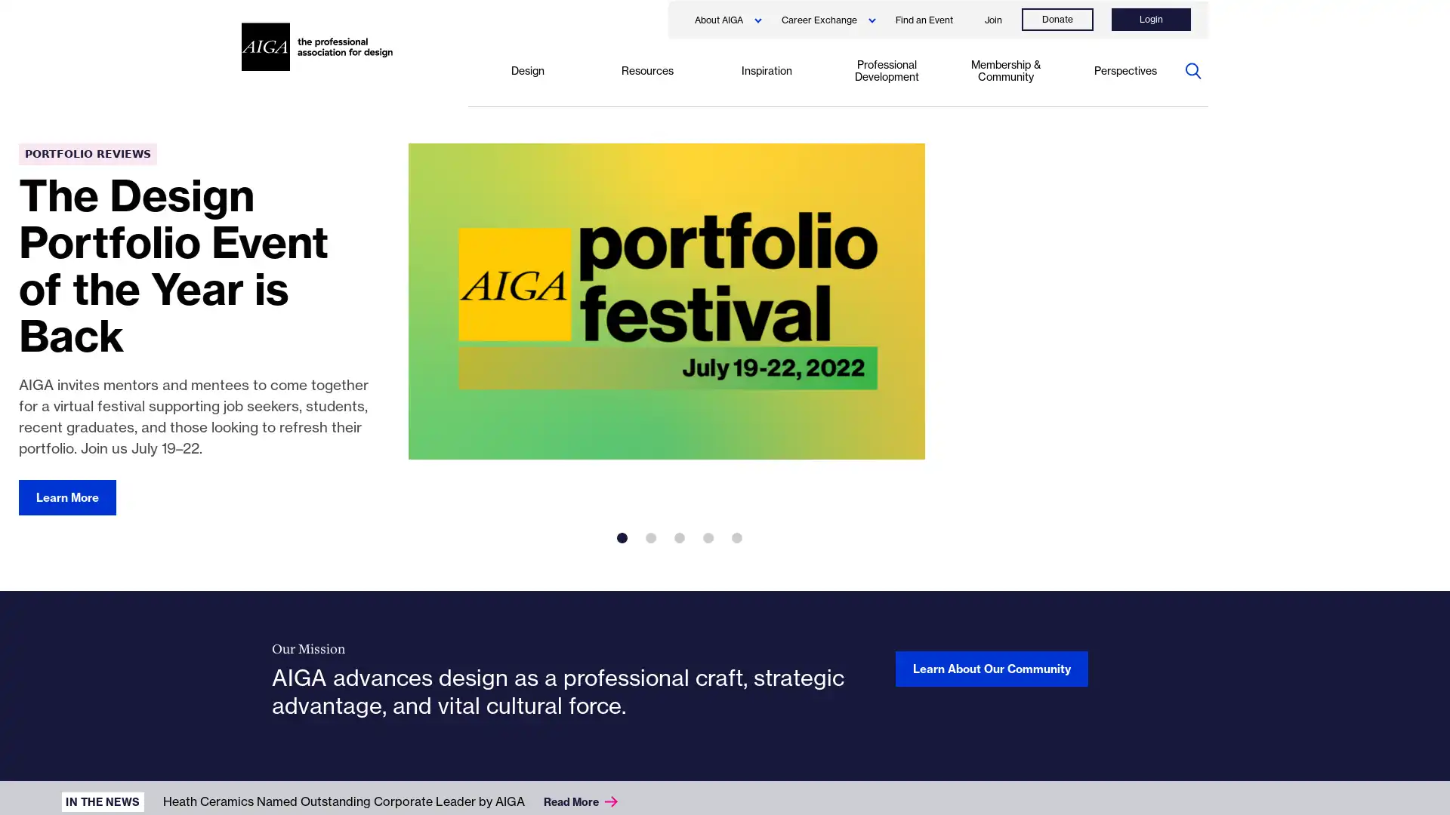 The image size is (1450, 815). What do you see at coordinates (707, 537) in the screenshot?
I see `4 of 5` at bounding box center [707, 537].